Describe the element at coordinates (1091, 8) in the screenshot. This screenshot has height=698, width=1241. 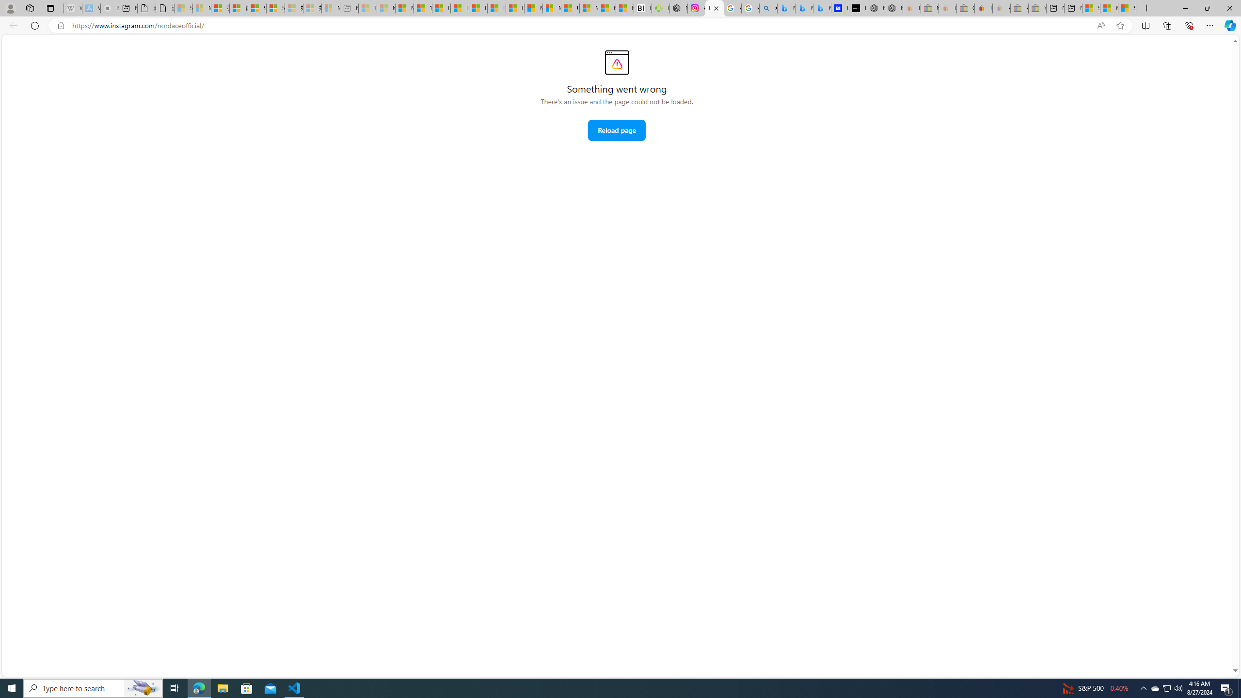
I see `'Shanghai, China hourly forecast | Microsoft Weather'` at that location.